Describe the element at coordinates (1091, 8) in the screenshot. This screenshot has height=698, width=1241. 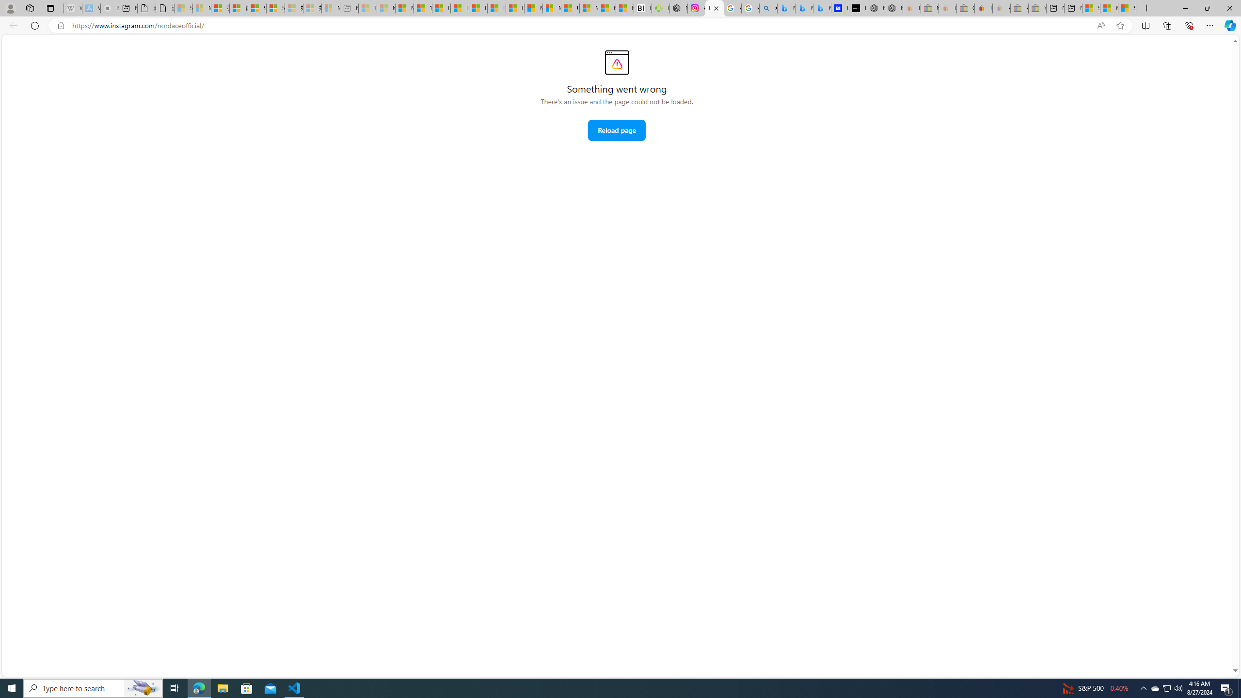
I see `'Shanghai, China hourly forecast | Microsoft Weather'` at that location.